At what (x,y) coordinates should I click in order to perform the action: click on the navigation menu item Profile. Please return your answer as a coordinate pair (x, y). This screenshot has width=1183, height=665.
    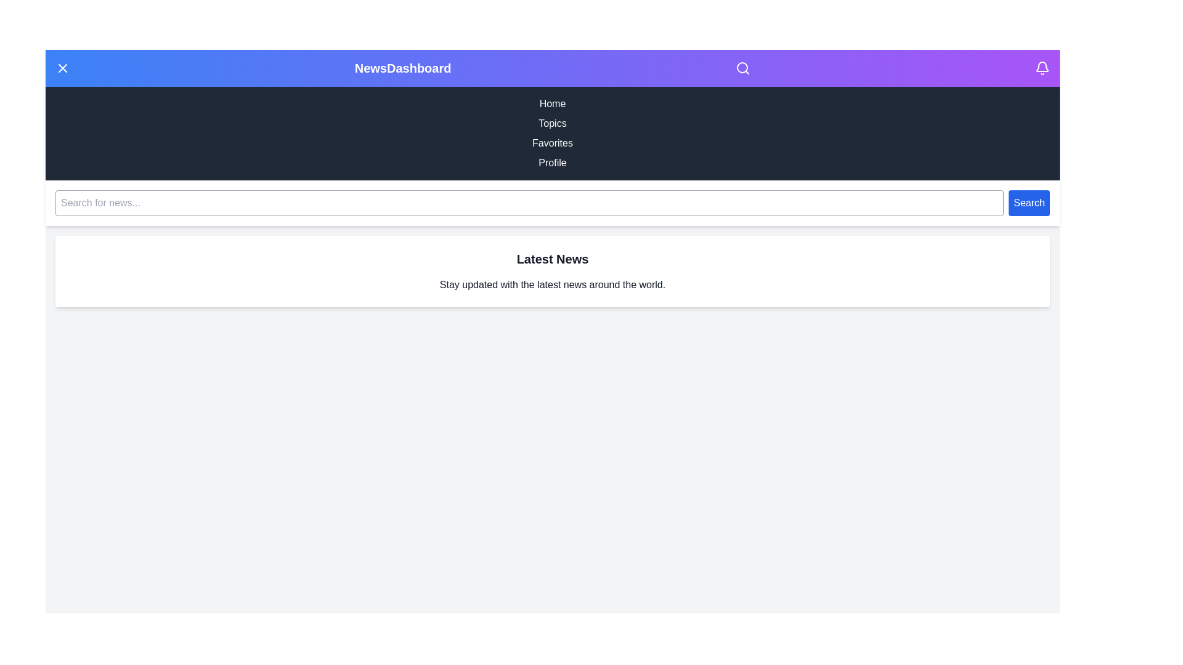
    Looking at the image, I should click on (552, 163).